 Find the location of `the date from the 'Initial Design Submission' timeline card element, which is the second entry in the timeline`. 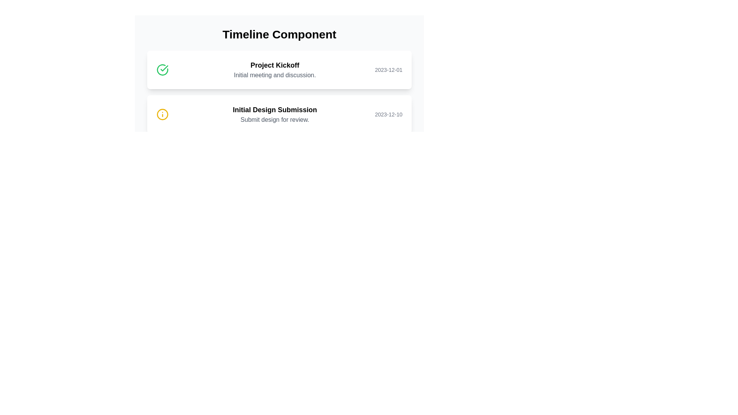

the date from the 'Initial Design Submission' timeline card element, which is the second entry in the timeline is located at coordinates (279, 114).